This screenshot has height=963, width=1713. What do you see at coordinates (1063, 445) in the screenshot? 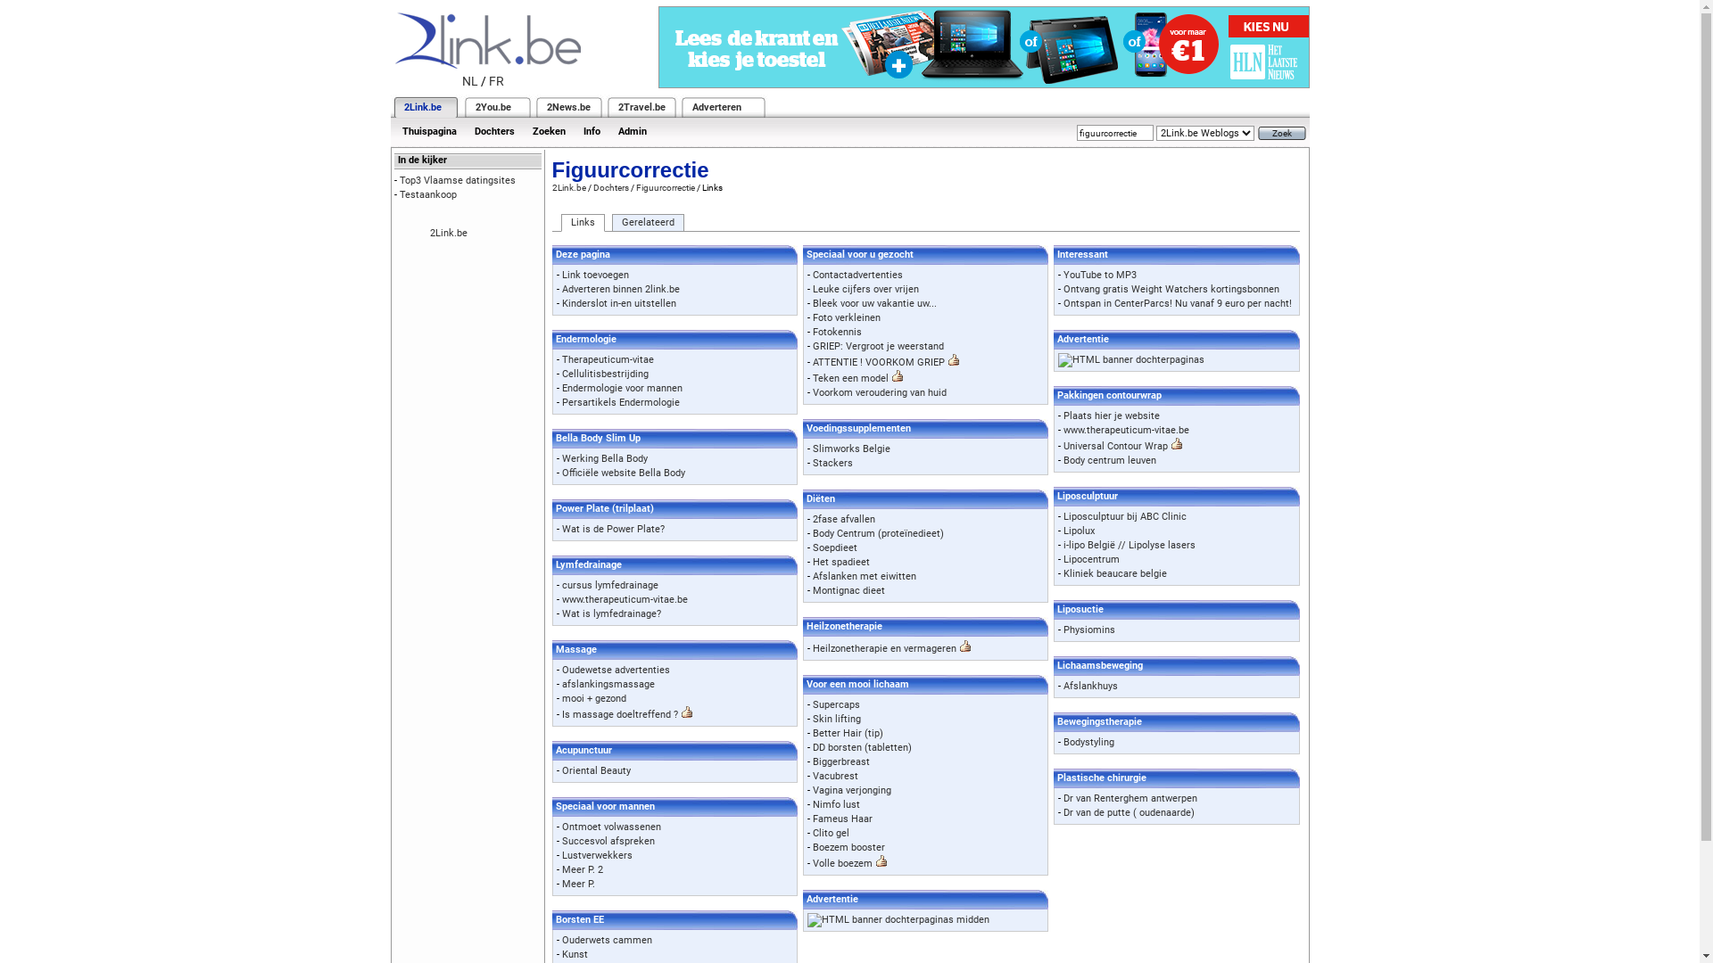
I see `'Universal Contour Wrap'` at bounding box center [1063, 445].